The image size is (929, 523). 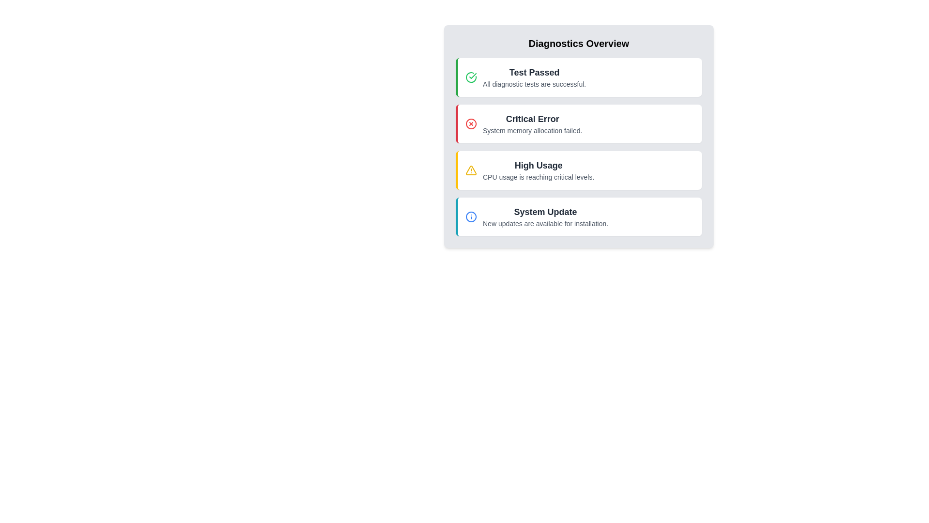 What do you see at coordinates (580, 216) in the screenshot?
I see `the last notification in the 'Diagnostics Overview' box, which is identifiable by its blue left border, indicating system updates are available` at bounding box center [580, 216].